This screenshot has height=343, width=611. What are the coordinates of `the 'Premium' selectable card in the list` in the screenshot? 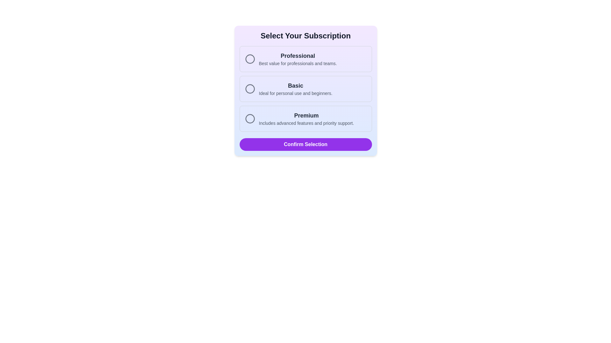 It's located at (305, 119).